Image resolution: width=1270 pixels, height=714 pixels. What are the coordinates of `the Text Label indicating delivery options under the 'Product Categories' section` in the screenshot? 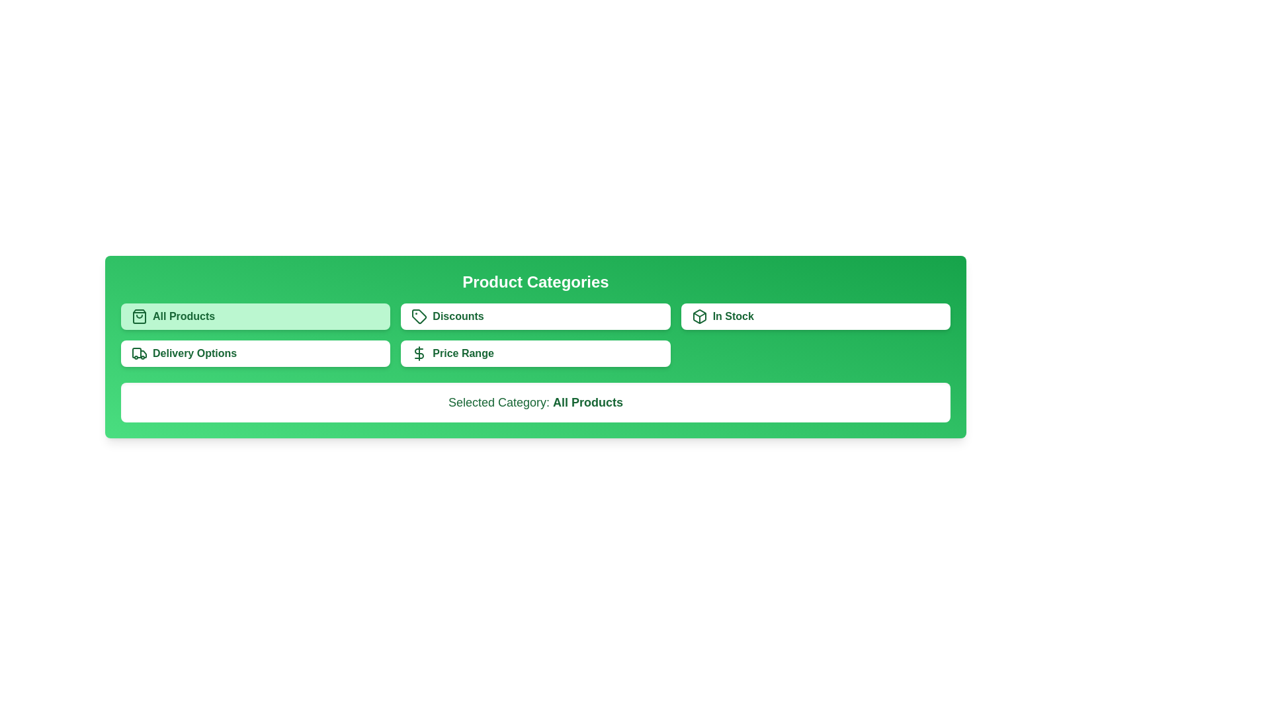 It's located at (194, 353).